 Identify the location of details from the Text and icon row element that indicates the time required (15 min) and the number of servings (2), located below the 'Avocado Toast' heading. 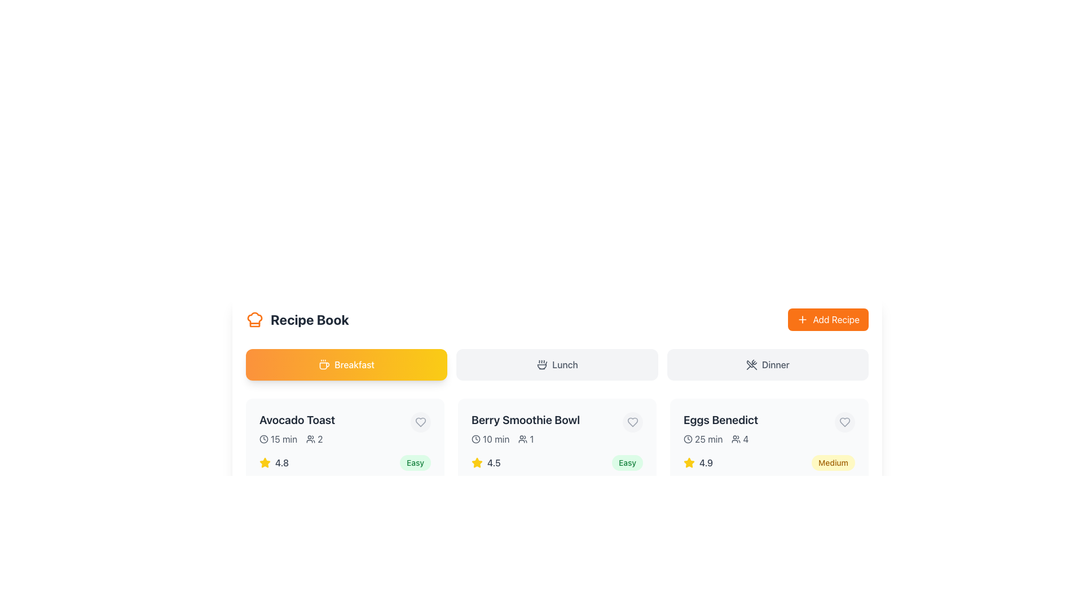
(297, 439).